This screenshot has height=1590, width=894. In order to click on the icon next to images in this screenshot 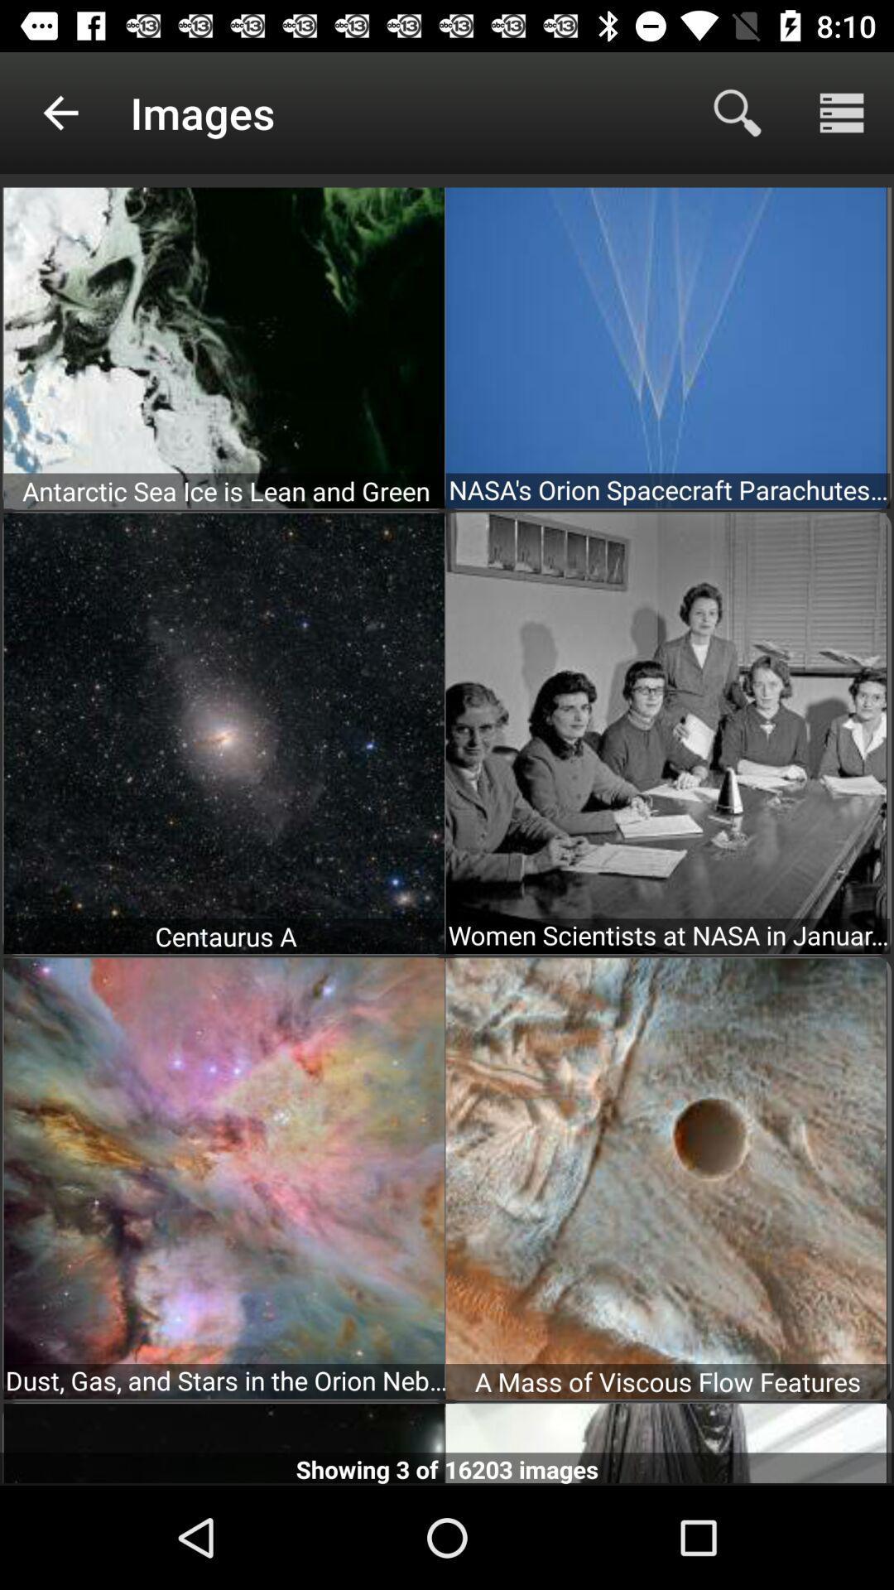, I will do `click(60, 112)`.